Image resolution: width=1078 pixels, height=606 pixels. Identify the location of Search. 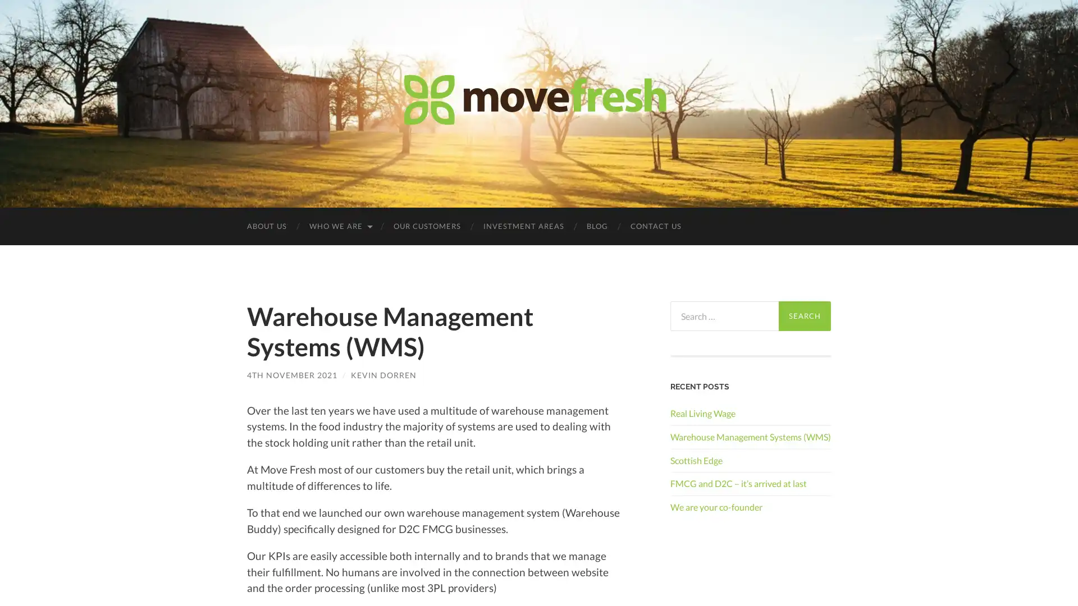
(804, 316).